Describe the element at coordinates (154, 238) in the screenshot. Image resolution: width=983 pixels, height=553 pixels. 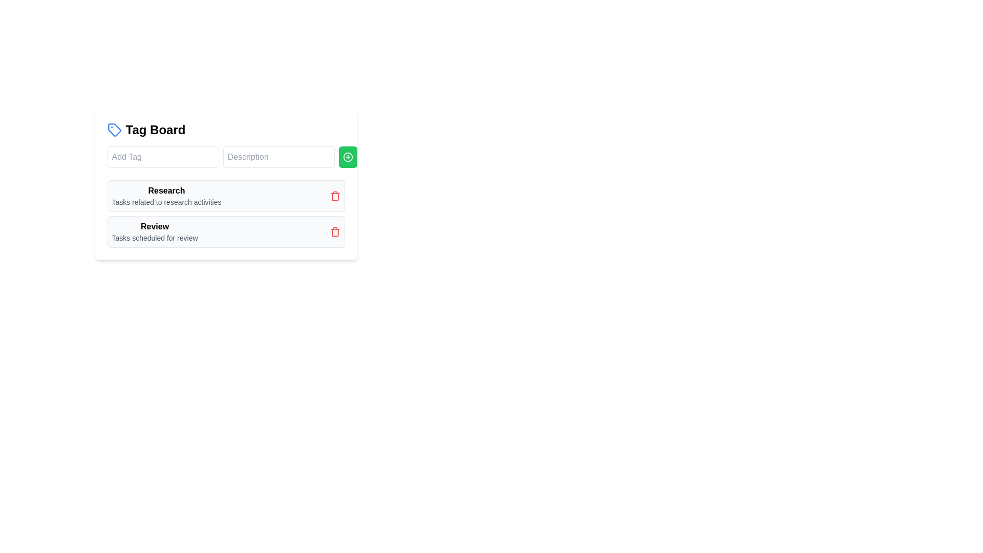
I see `the text label stating 'Tasks scheduled for review'` at that location.